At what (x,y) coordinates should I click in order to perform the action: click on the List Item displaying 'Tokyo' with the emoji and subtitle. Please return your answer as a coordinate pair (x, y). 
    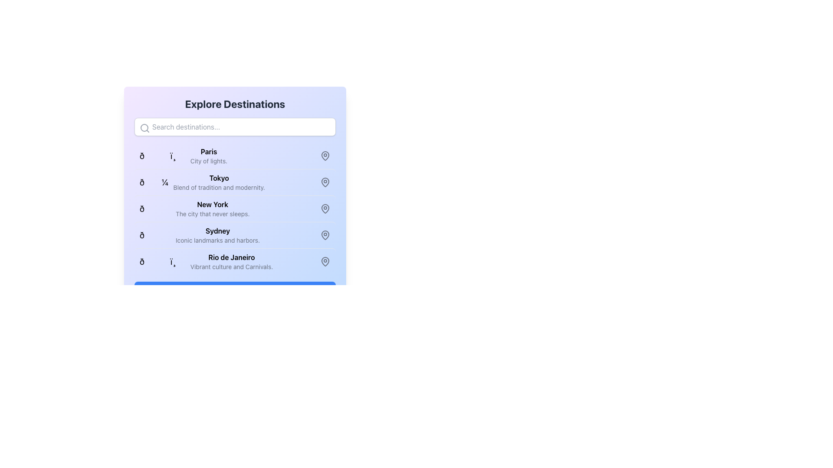
    Looking at the image, I should click on (202, 182).